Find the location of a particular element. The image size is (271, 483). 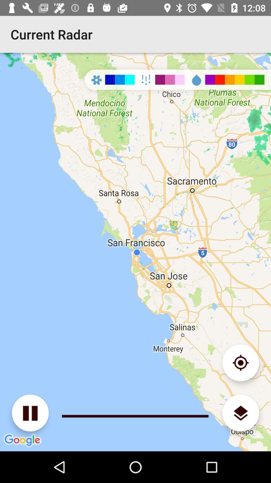

the layers icon is located at coordinates (240, 413).